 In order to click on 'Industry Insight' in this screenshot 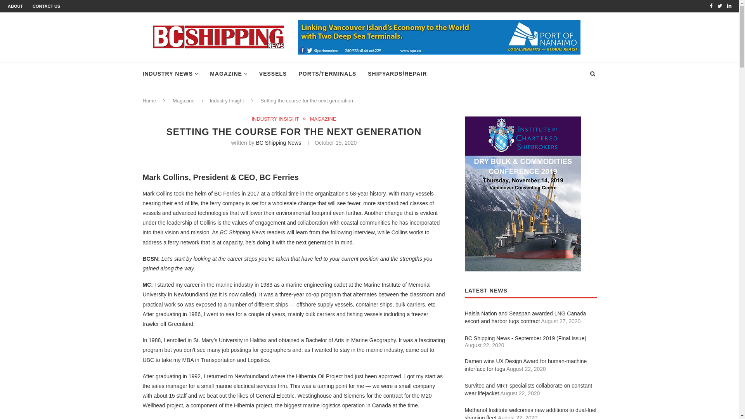, I will do `click(226, 100)`.